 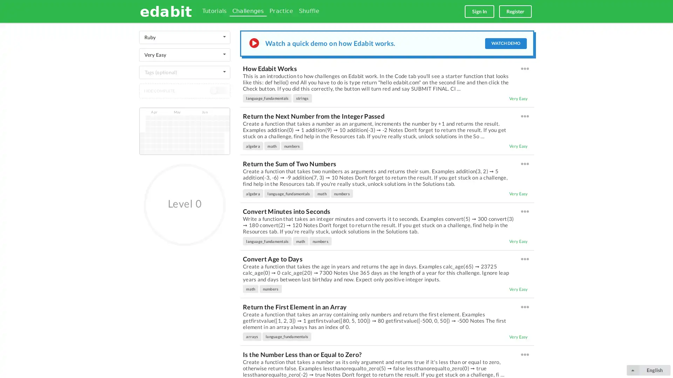 I want to click on Sign In, so click(x=479, y=11).